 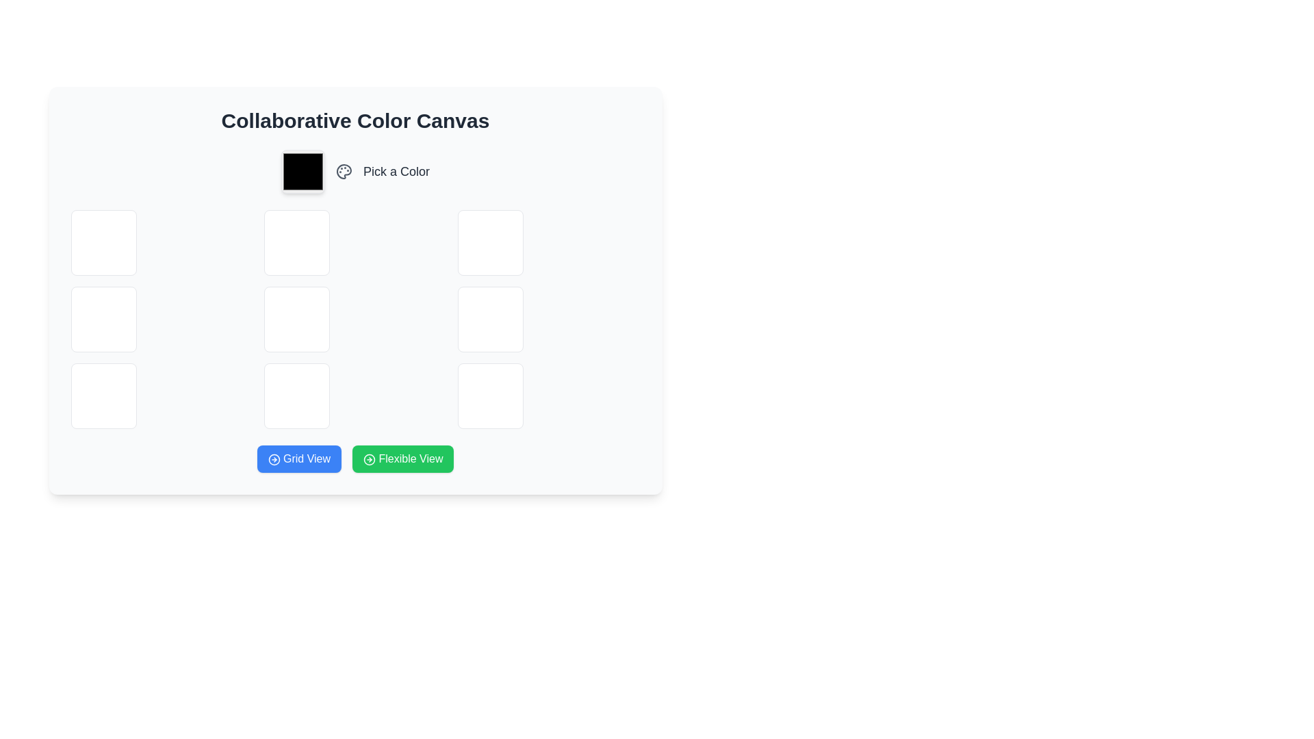 I want to click on the blue 'Grid View' button with white text and a right-pointing arrow icon to switch to grid view, so click(x=298, y=459).